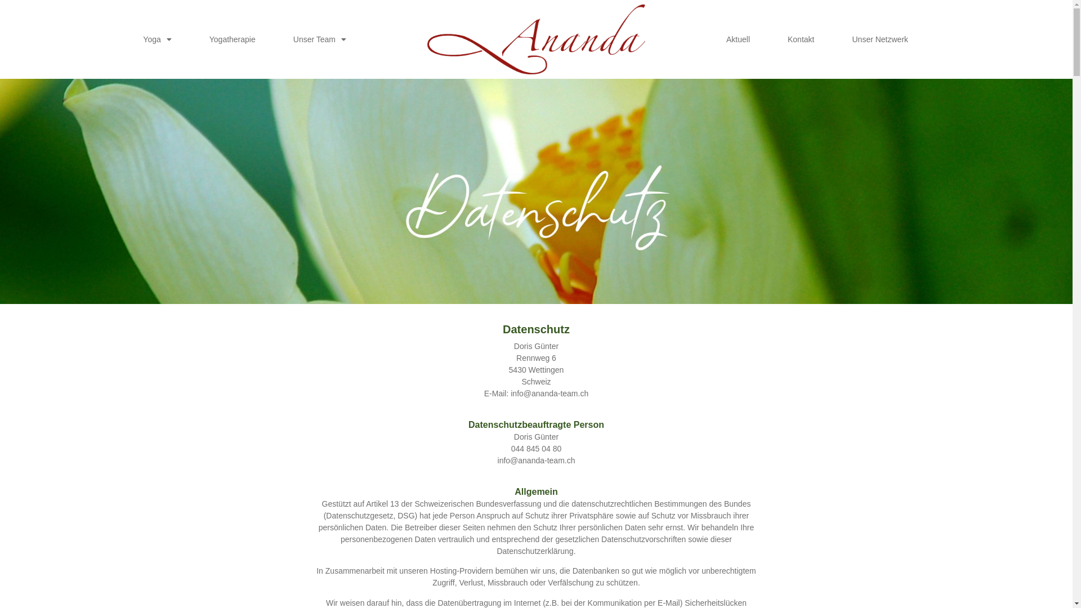  What do you see at coordinates (775, 38) in the screenshot?
I see `'Kontakt'` at bounding box center [775, 38].